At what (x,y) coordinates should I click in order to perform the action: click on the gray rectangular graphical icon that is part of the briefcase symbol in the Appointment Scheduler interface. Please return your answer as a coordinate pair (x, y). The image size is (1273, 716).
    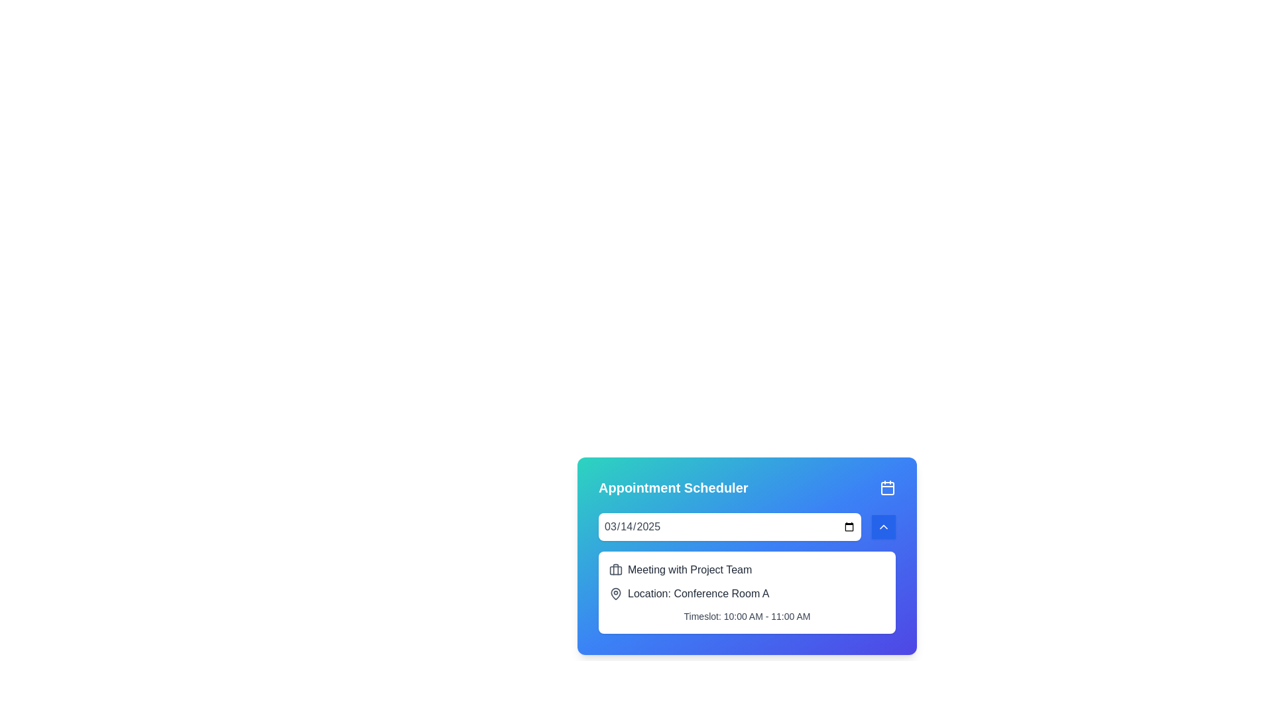
    Looking at the image, I should click on (615, 569).